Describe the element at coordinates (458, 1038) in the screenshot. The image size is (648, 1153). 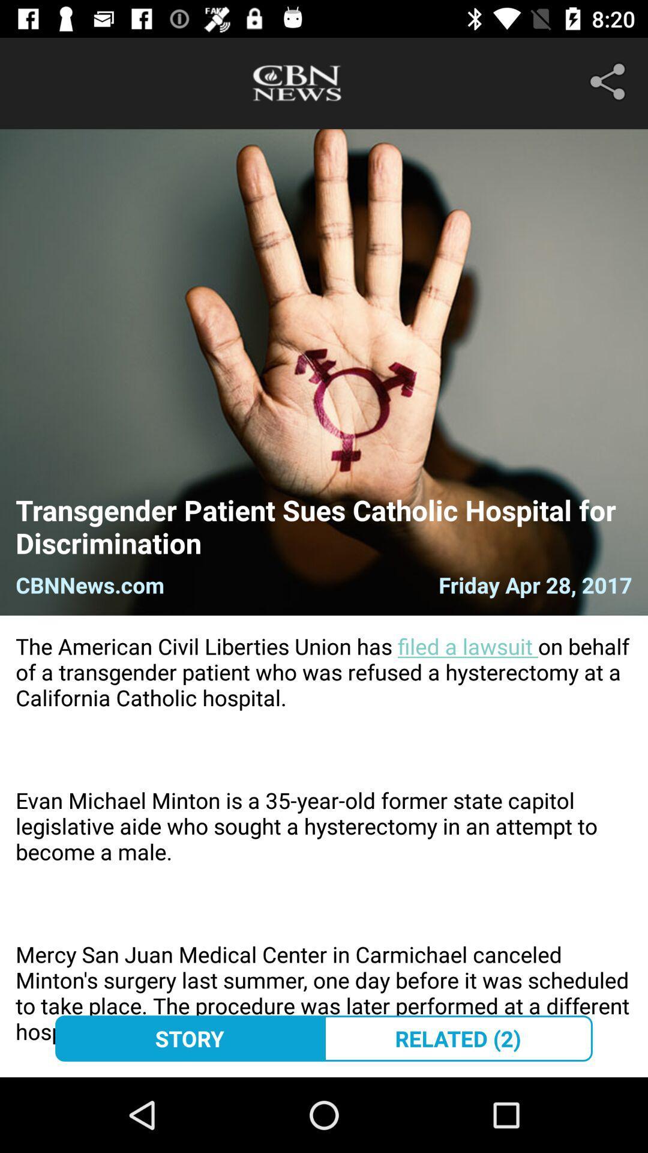
I see `the related (2) icon` at that location.